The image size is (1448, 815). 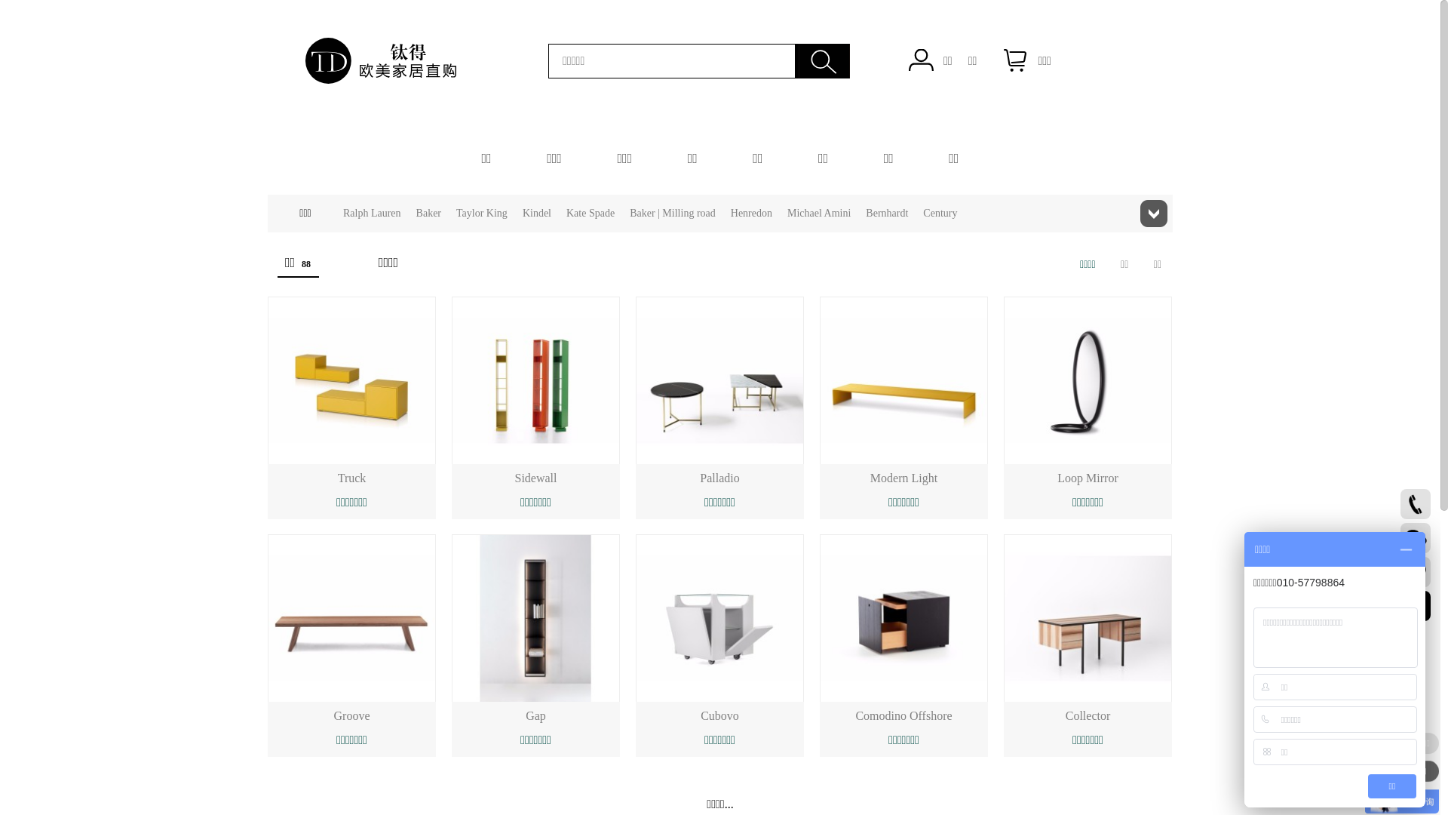 What do you see at coordinates (332, 715) in the screenshot?
I see `'Groove'` at bounding box center [332, 715].